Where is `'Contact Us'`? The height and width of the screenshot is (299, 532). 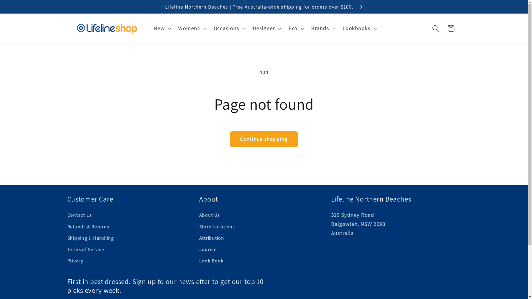 'Contact Us' is located at coordinates (79, 216).